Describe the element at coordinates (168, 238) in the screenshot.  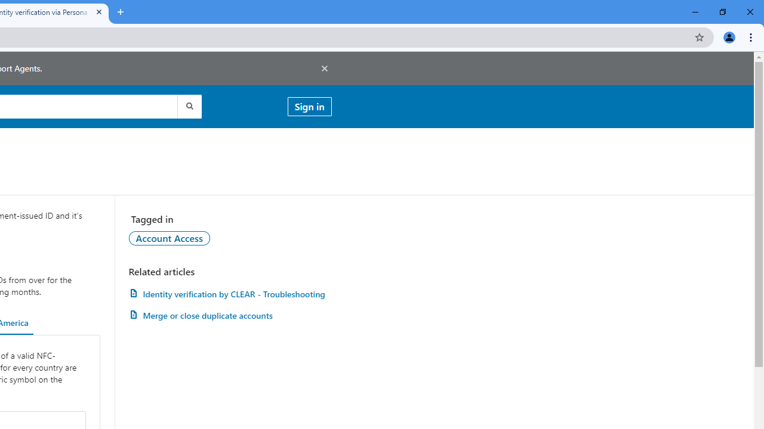
I see `'Account Access'` at that location.